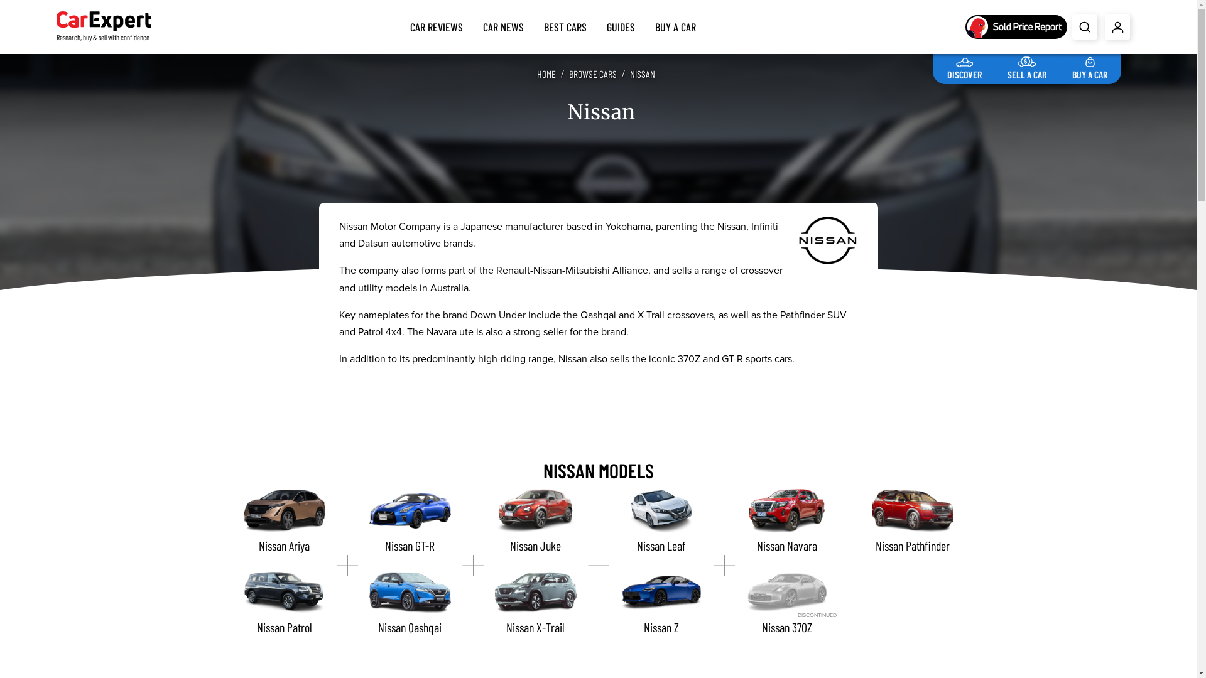 Image resolution: width=1206 pixels, height=678 pixels. Describe the element at coordinates (660, 602) in the screenshot. I see `'Nissan Z'` at that location.